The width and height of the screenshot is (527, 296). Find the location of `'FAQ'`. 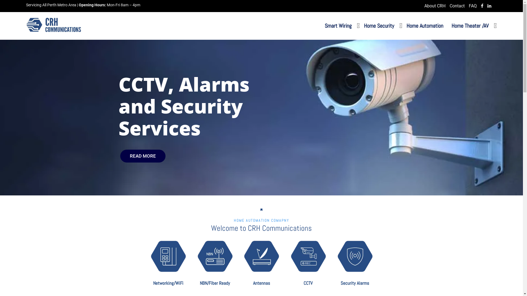

'FAQ' is located at coordinates (469, 6).